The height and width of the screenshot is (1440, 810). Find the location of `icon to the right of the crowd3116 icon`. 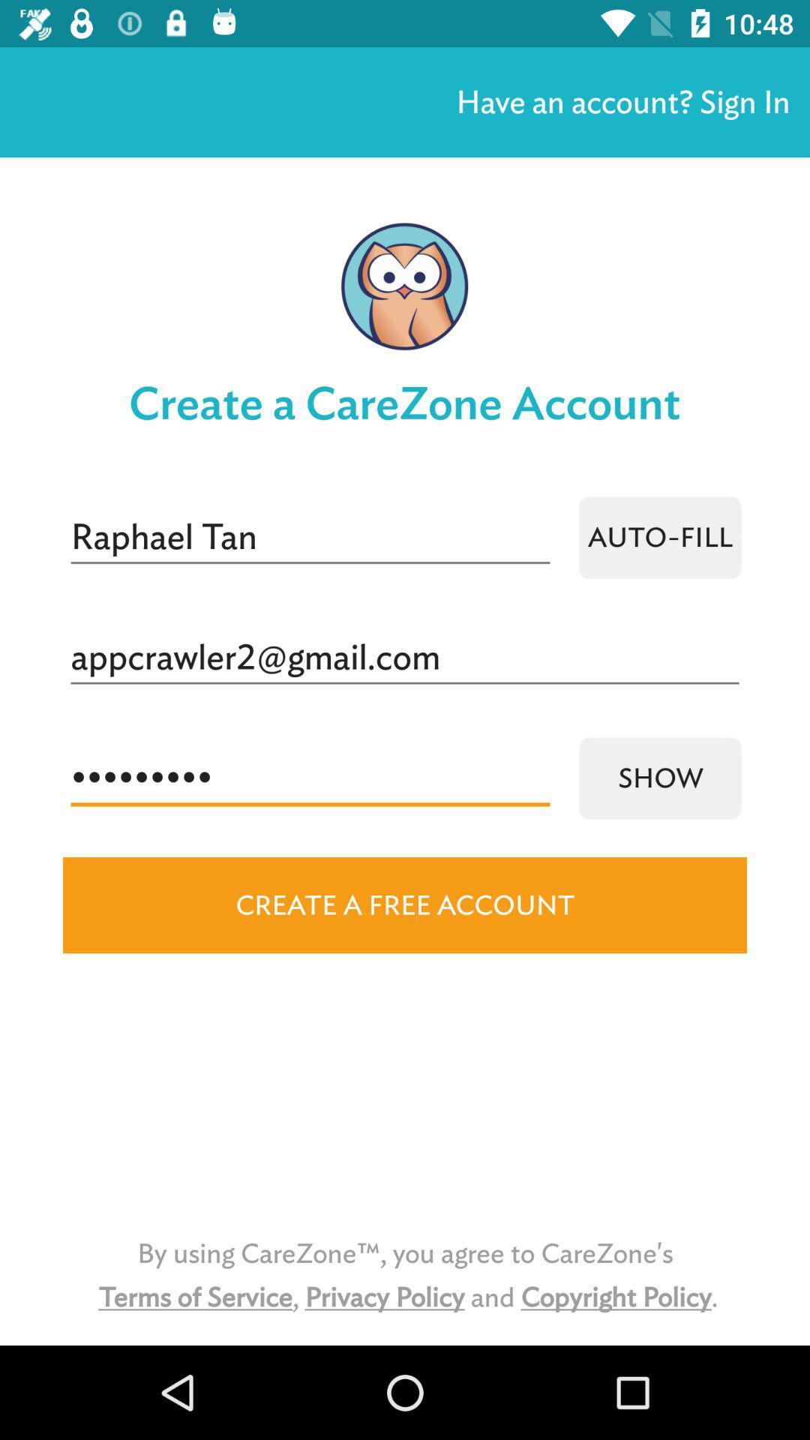

icon to the right of the crowd3116 icon is located at coordinates (659, 778).